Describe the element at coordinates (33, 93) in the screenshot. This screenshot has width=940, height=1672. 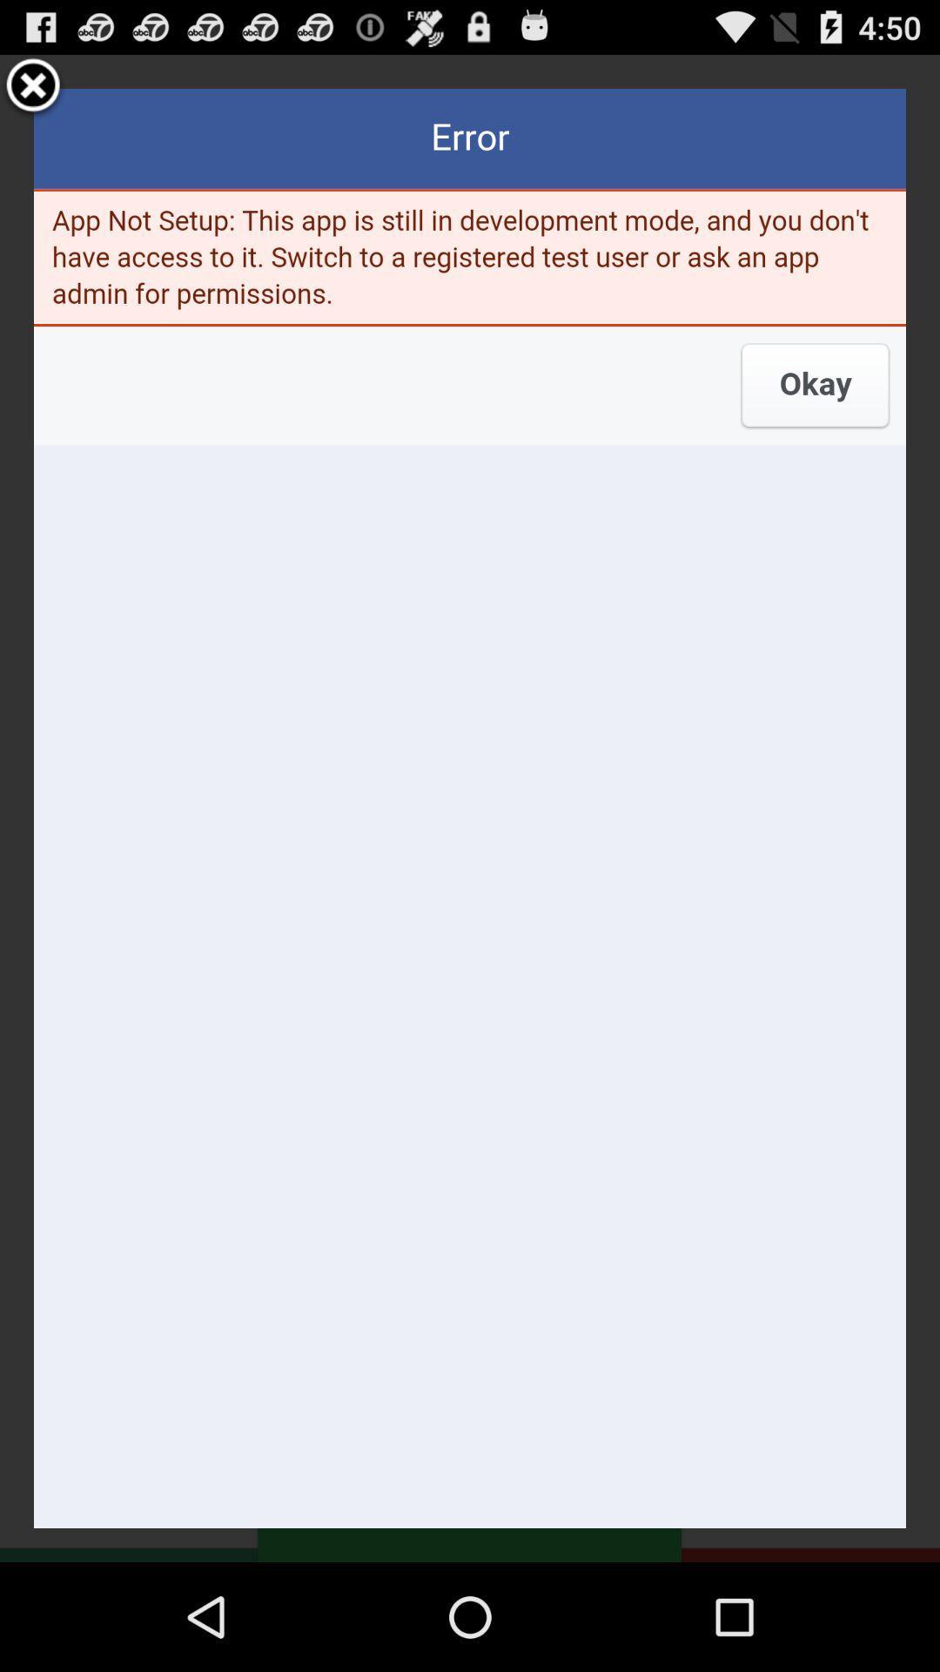
I see `the close icon` at that location.